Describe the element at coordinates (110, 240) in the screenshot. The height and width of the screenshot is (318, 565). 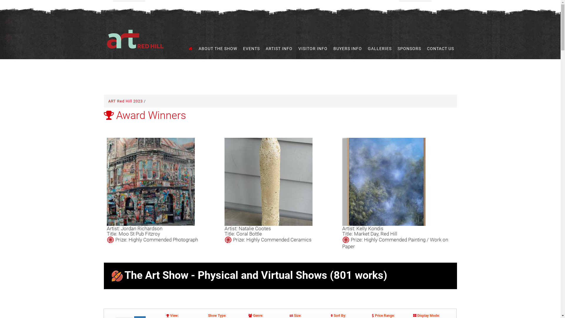
I see `'This Item is a Prize Winner'` at that location.